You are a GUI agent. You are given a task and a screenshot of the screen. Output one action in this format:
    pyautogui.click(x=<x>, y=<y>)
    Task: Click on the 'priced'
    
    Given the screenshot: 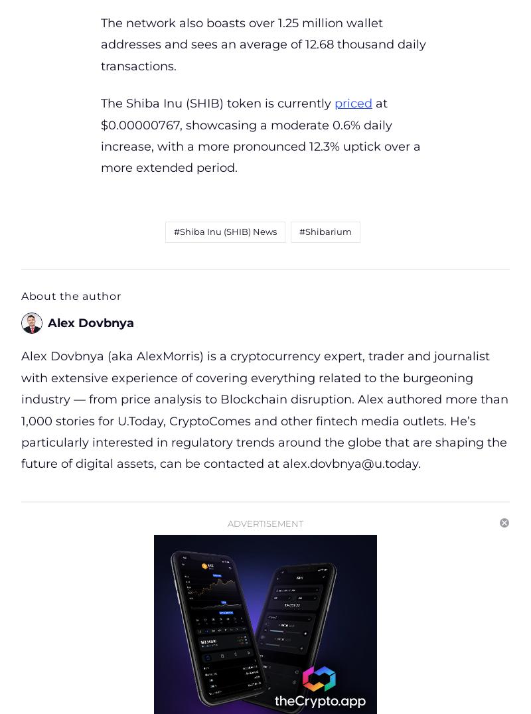 What is the action you would take?
    pyautogui.click(x=352, y=104)
    